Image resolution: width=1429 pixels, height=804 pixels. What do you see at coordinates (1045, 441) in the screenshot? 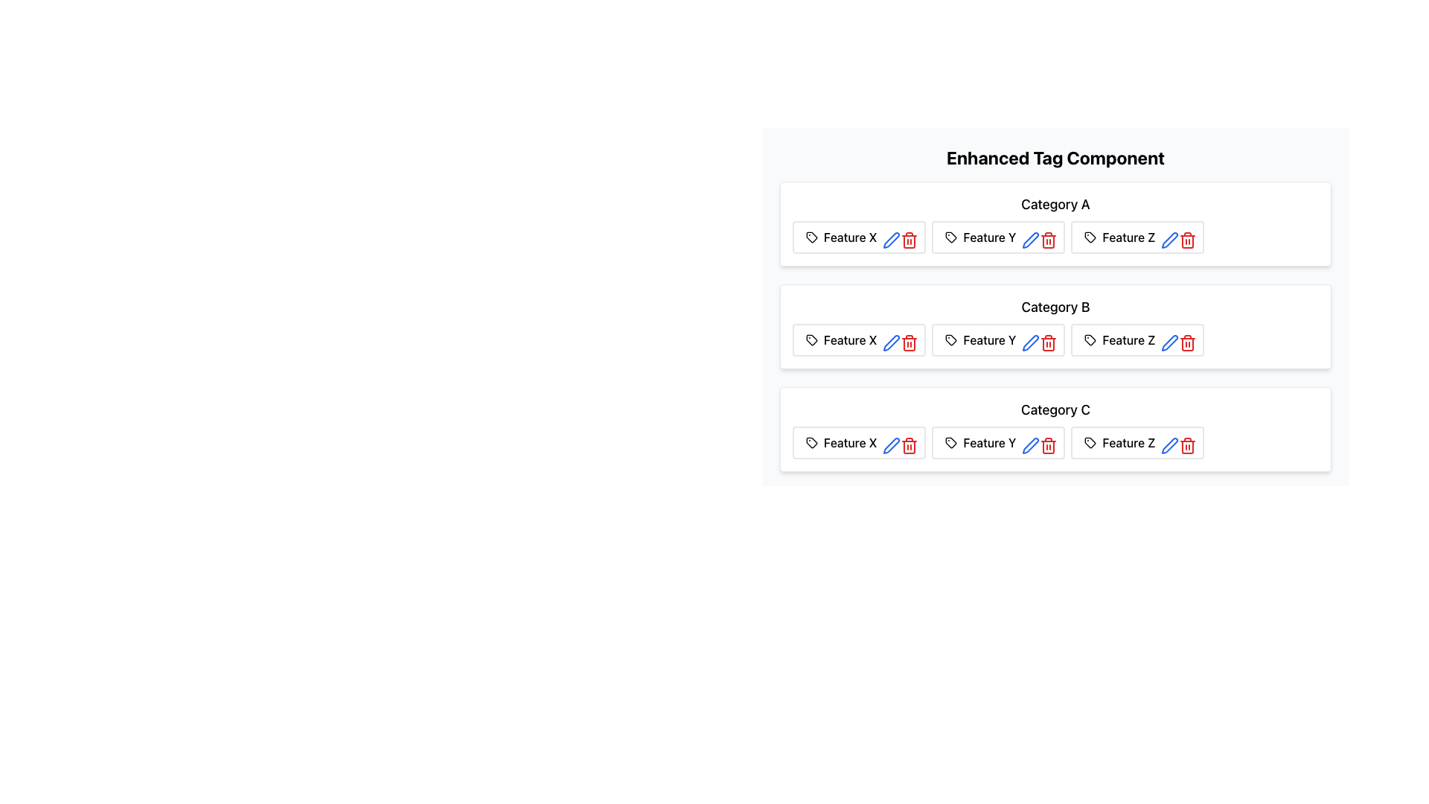
I see `the delete button for the 'Feature Y' item located at the rightmost side of the row under 'Category A'` at bounding box center [1045, 441].